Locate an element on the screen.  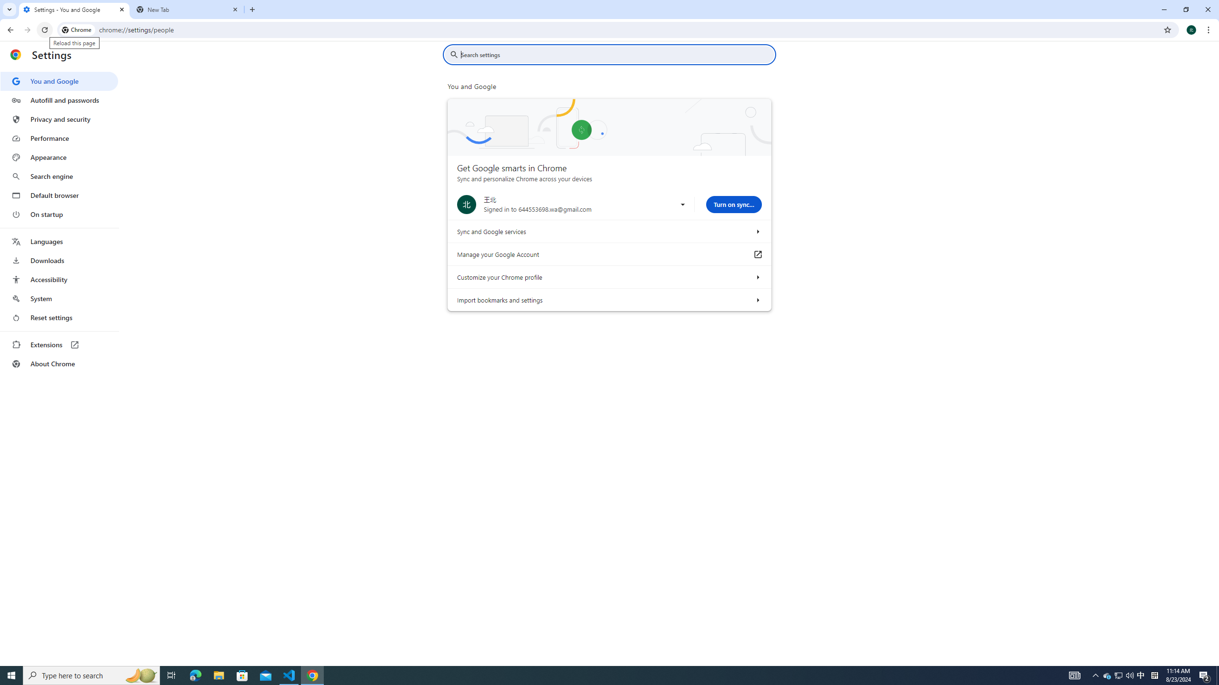
'Languages' is located at coordinates (59, 242).